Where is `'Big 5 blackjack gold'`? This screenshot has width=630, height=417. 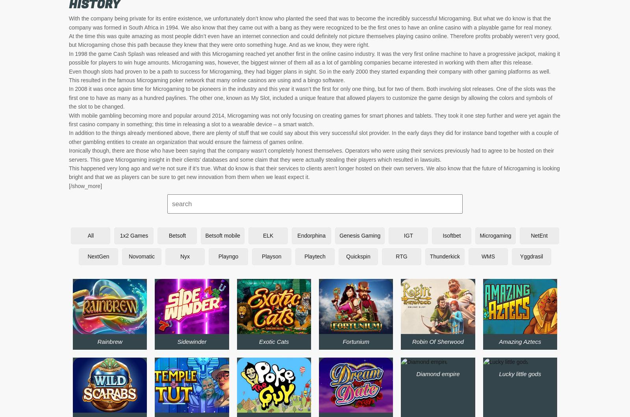 'Big 5 blackjack gold' is located at coordinates (274, 292).